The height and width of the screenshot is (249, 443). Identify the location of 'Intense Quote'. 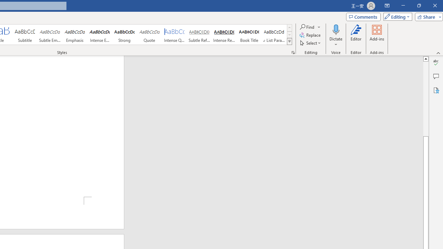
(174, 35).